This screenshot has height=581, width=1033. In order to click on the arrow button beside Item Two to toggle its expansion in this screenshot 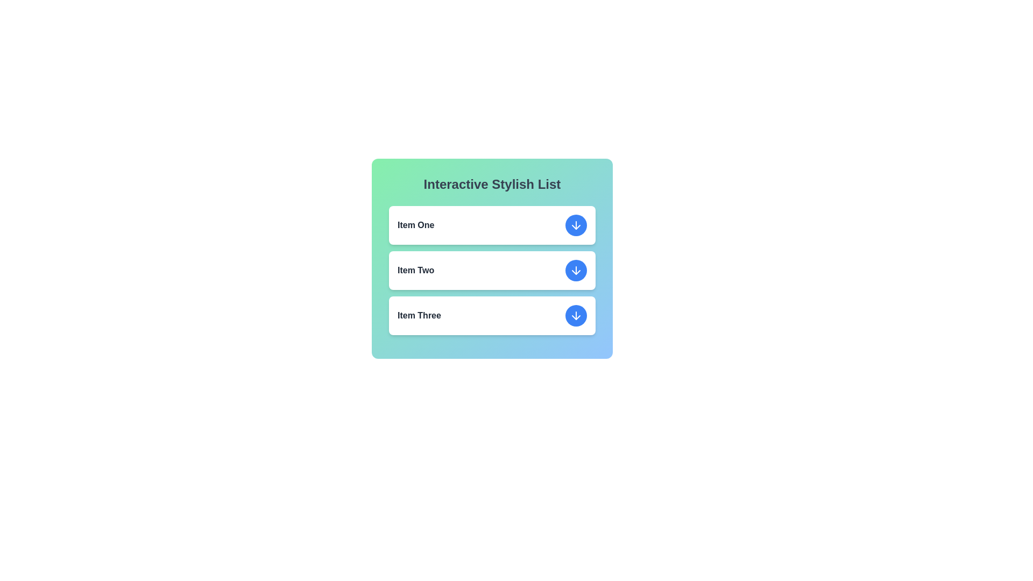, I will do `click(575, 270)`.